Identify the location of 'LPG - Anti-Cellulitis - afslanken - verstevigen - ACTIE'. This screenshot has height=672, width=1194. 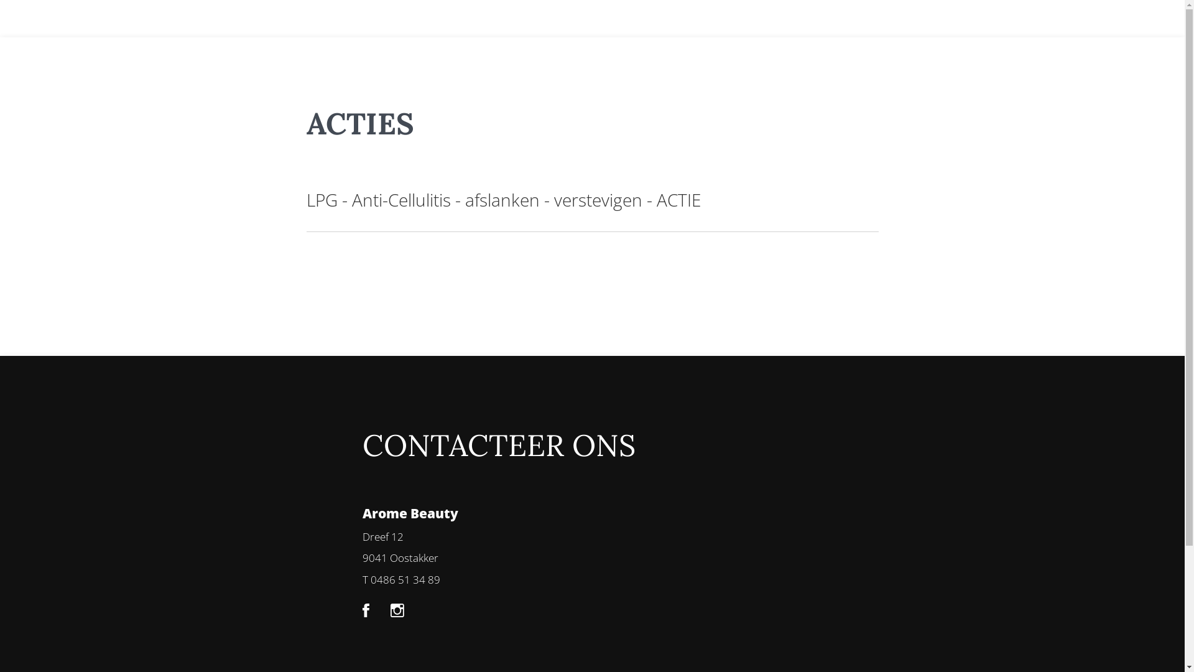
(503, 198).